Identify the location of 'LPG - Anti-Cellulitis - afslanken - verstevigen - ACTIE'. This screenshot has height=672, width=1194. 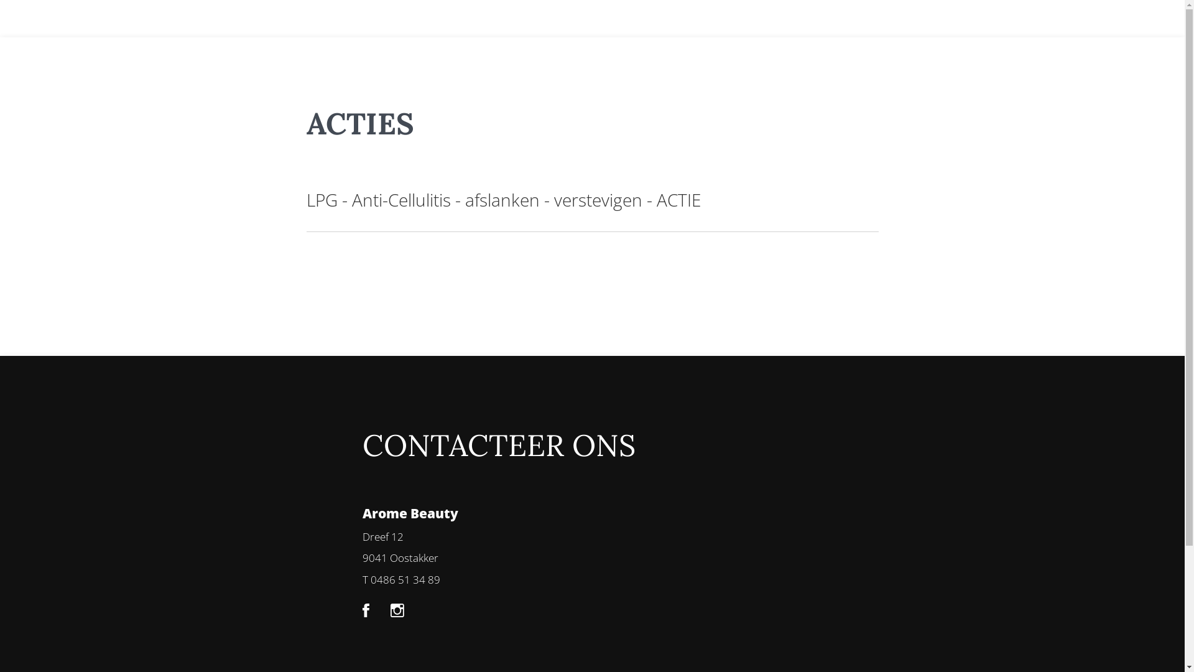
(503, 198).